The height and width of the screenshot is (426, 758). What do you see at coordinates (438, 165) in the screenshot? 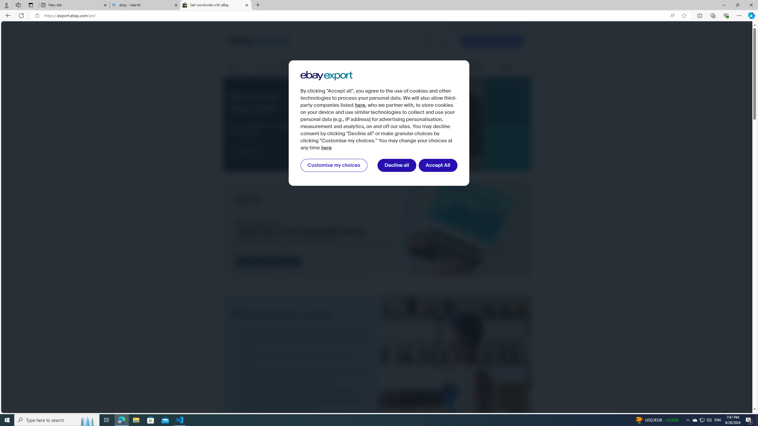
I see `'Accept All'` at bounding box center [438, 165].